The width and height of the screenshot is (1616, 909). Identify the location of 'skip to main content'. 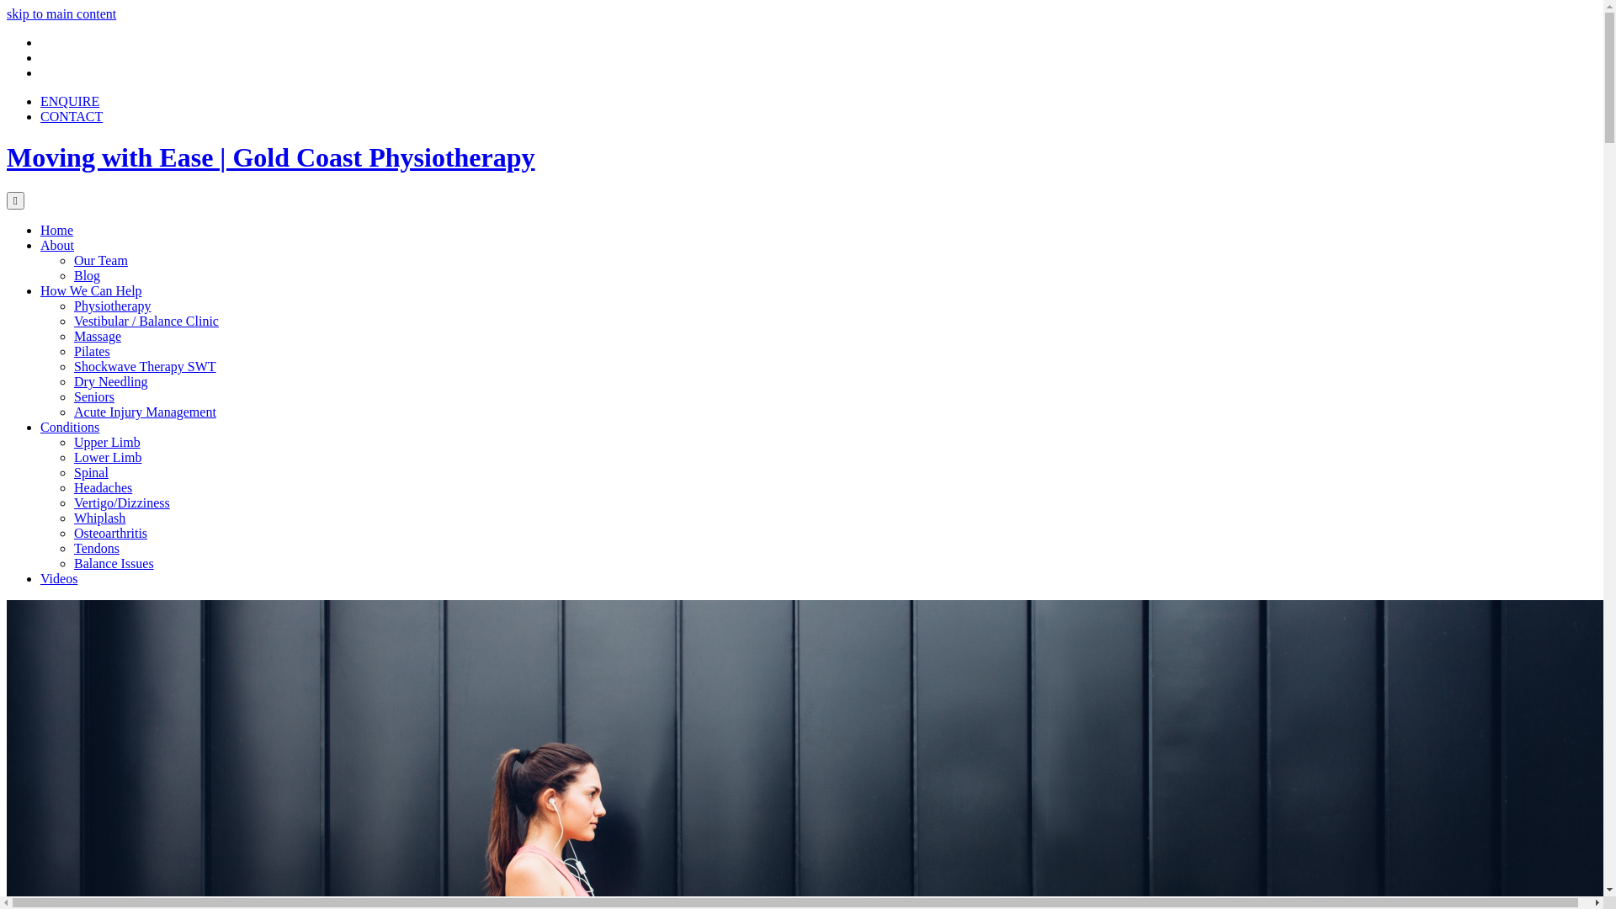
(61, 13).